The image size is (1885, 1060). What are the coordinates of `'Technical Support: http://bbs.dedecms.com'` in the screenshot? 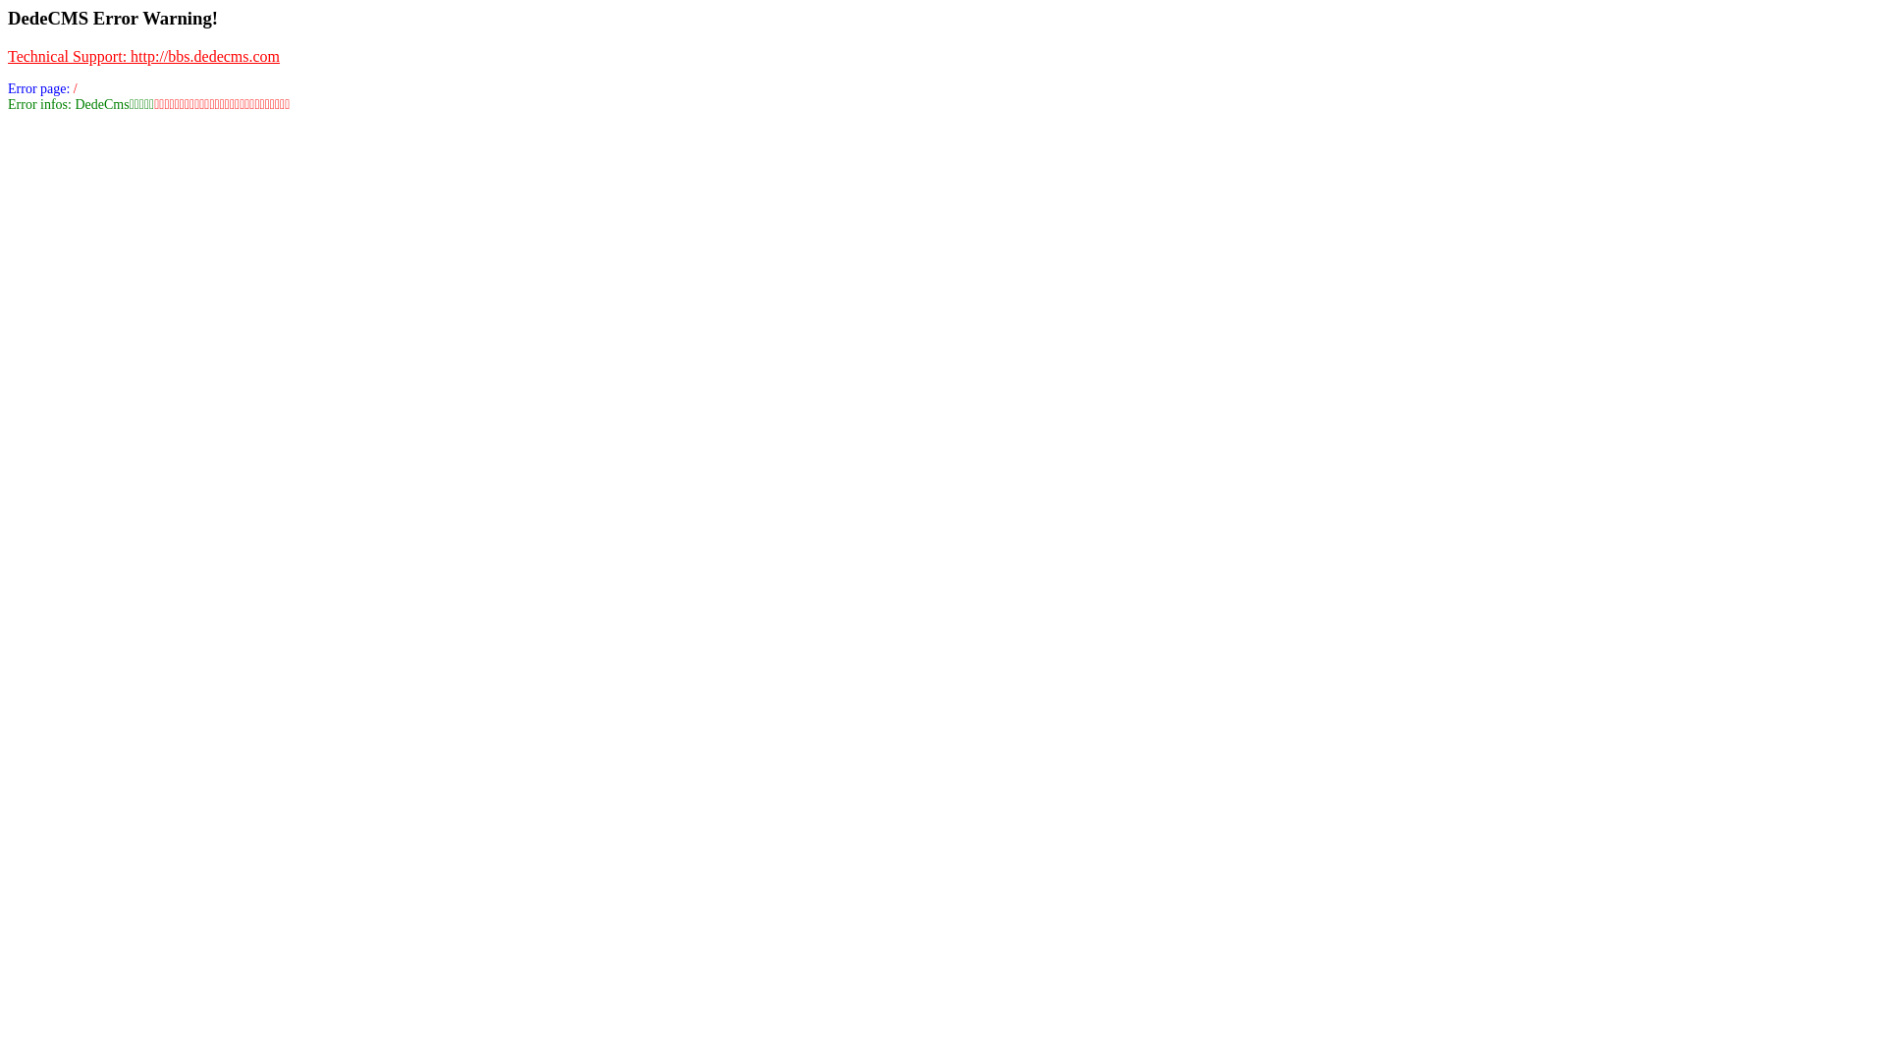 It's located at (142, 55).